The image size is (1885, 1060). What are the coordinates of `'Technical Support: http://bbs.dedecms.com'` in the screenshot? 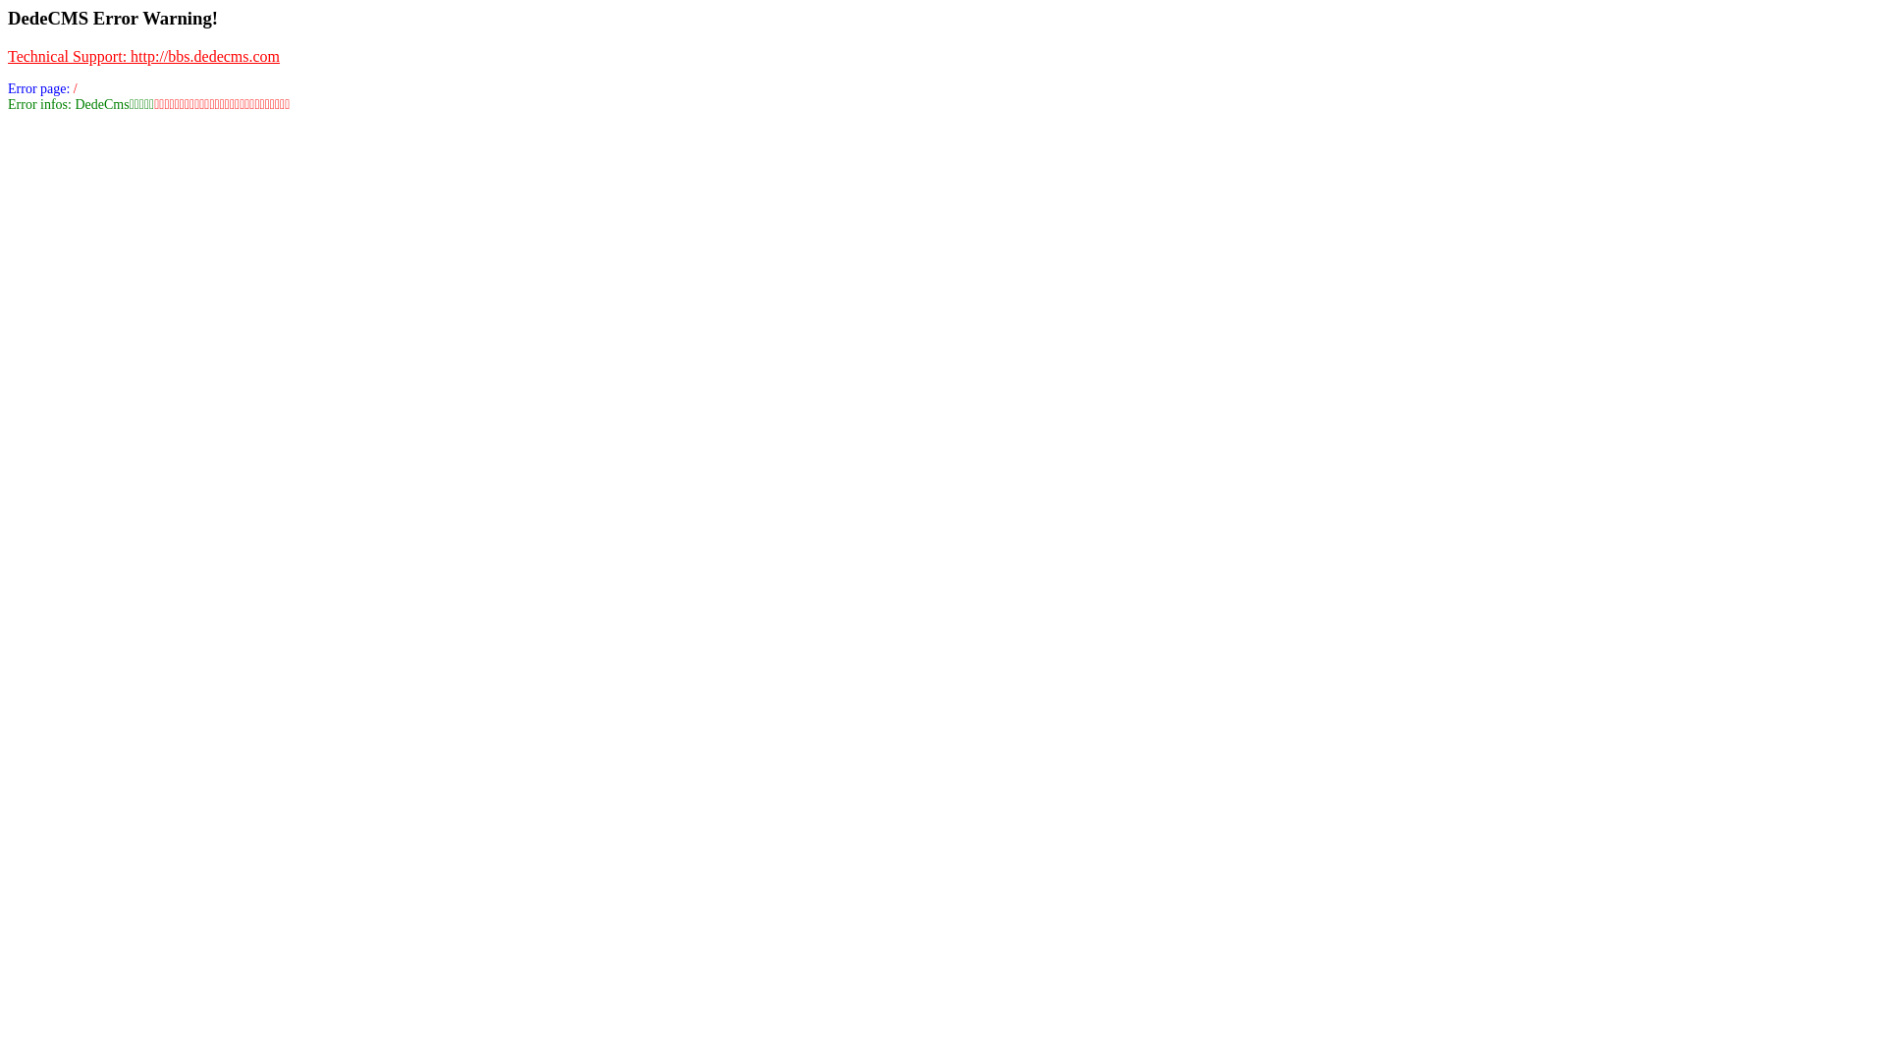 It's located at (142, 55).